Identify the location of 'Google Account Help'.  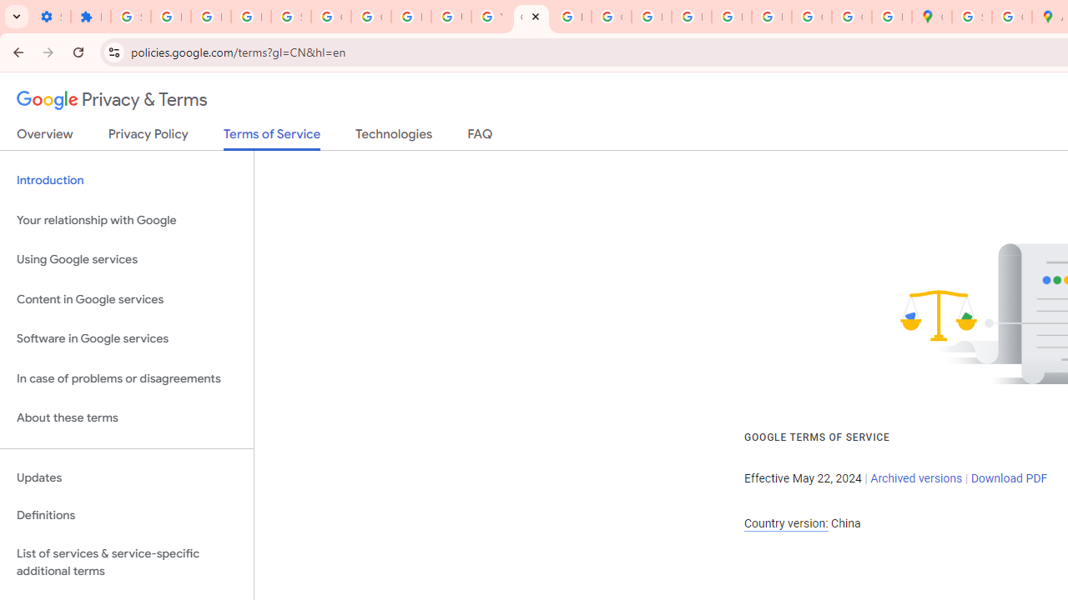
(370, 17).